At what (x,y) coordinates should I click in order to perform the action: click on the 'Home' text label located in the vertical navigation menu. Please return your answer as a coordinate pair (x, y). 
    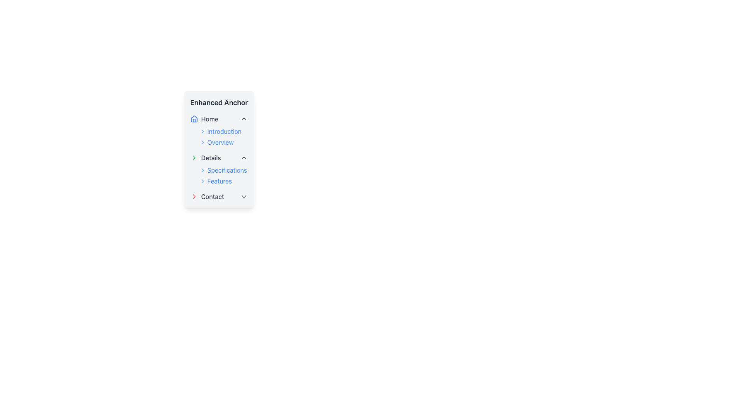
    Looking at the image, I should click on (209, 119).